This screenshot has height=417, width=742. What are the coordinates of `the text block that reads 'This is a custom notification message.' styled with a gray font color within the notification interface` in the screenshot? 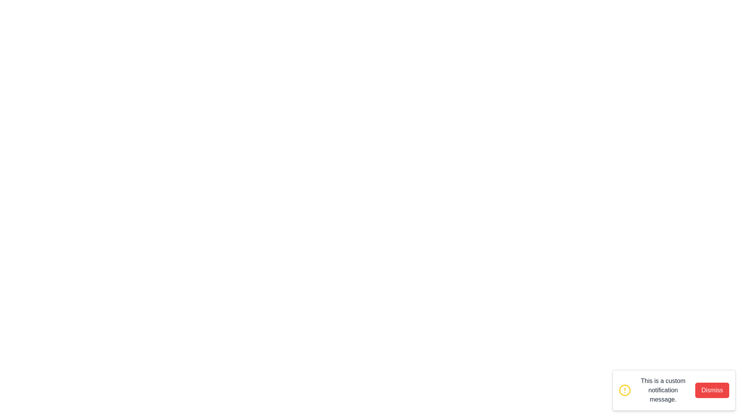 It's located at (663, 390).